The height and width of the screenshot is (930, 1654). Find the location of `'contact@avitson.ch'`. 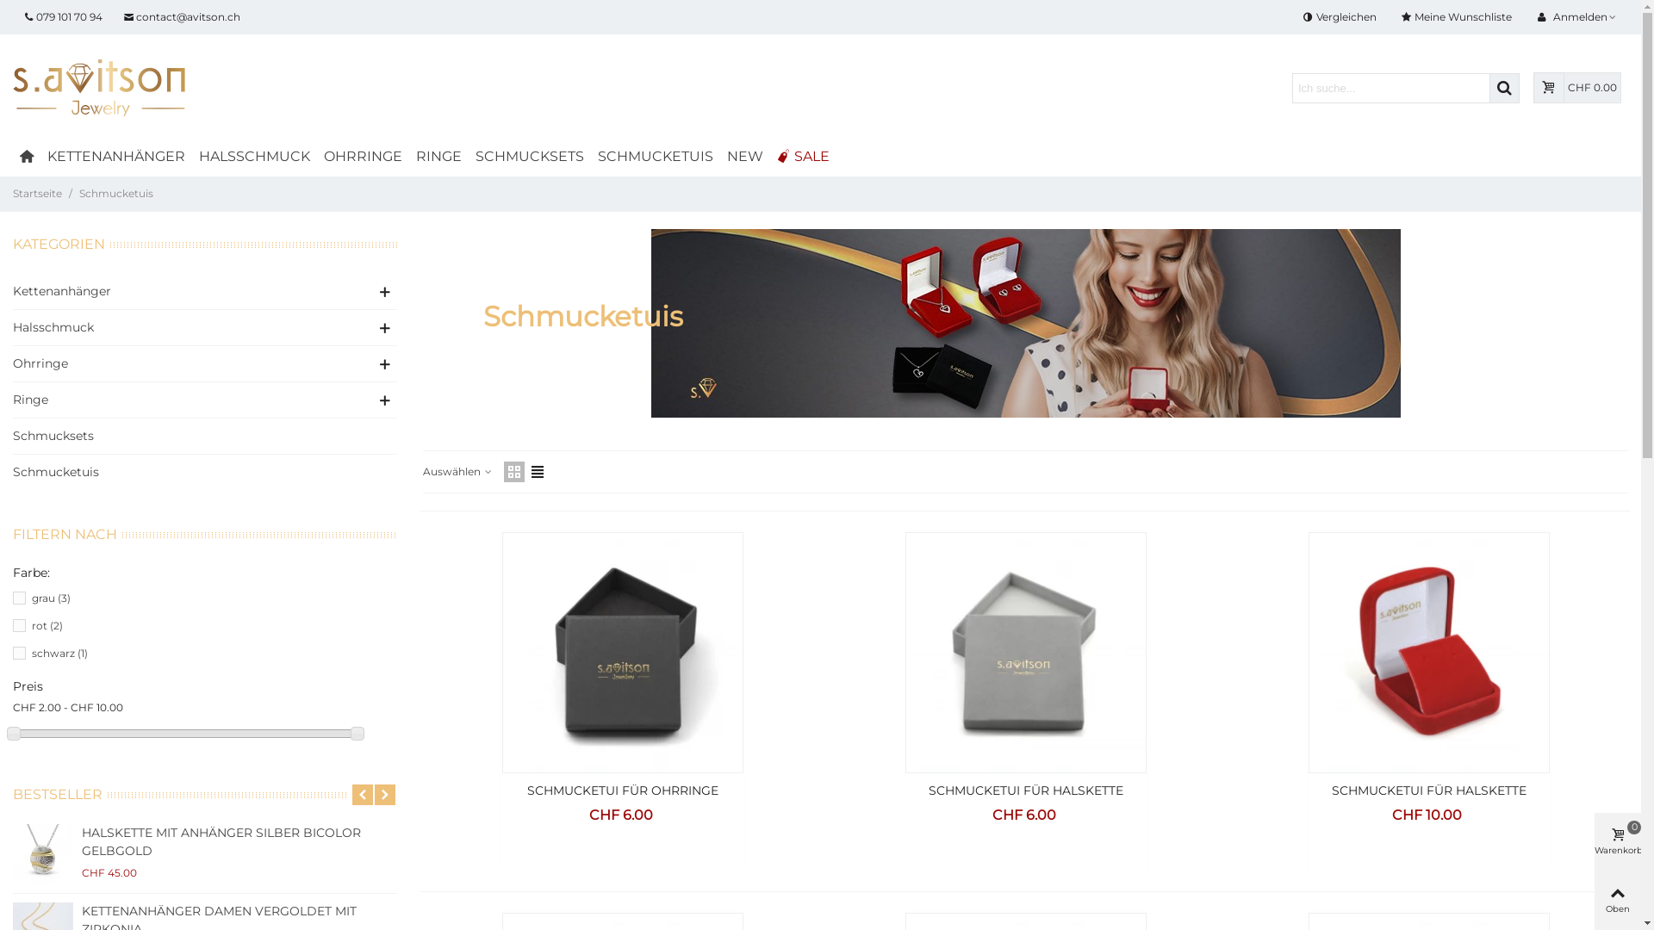

'contact@avitson.ch' is located at coordinates (182, 16).